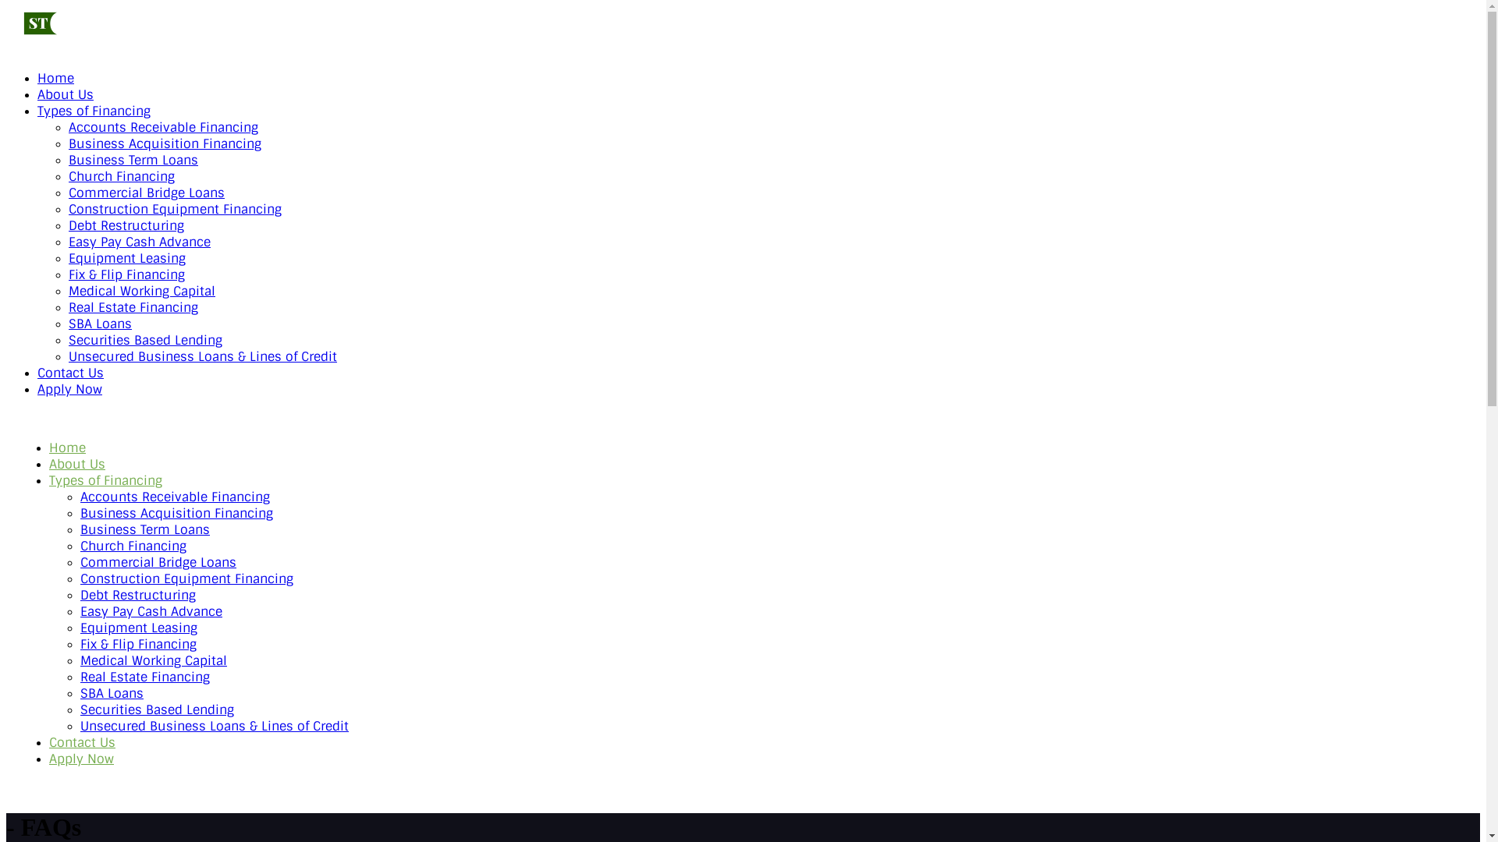  I want to click on 'Equipment Leasing', so click(127, 257).